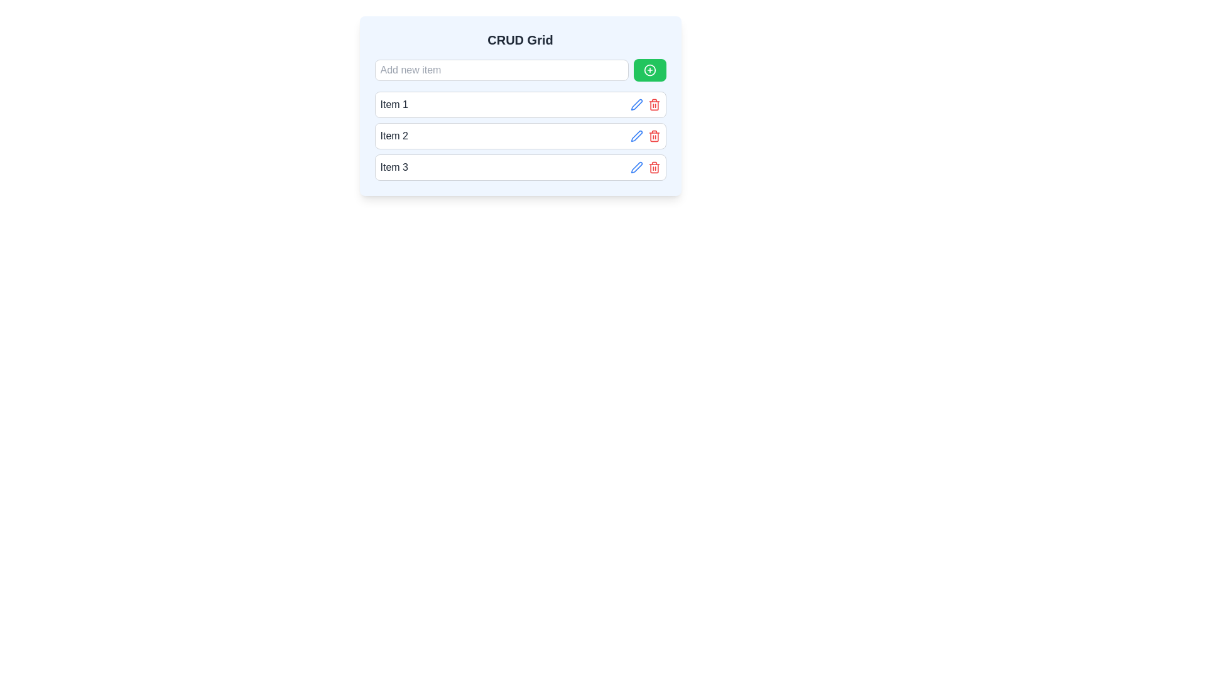 The height and width of the screenshot is (678, 1206). I want to click on the edit icon button located immediately to the right of 'Item 2' in the second row of the CRUD grid, so click(636, 136).